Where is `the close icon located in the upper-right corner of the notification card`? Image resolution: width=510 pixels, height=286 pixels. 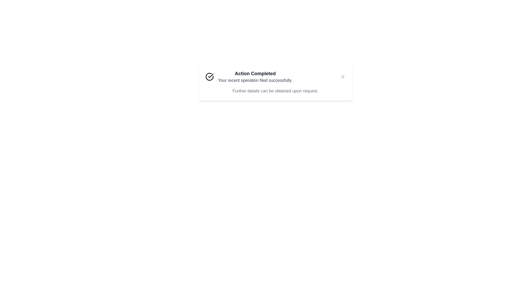
the close icon located in the upper-right corner of the notification card is located at coordinates (343, 77).